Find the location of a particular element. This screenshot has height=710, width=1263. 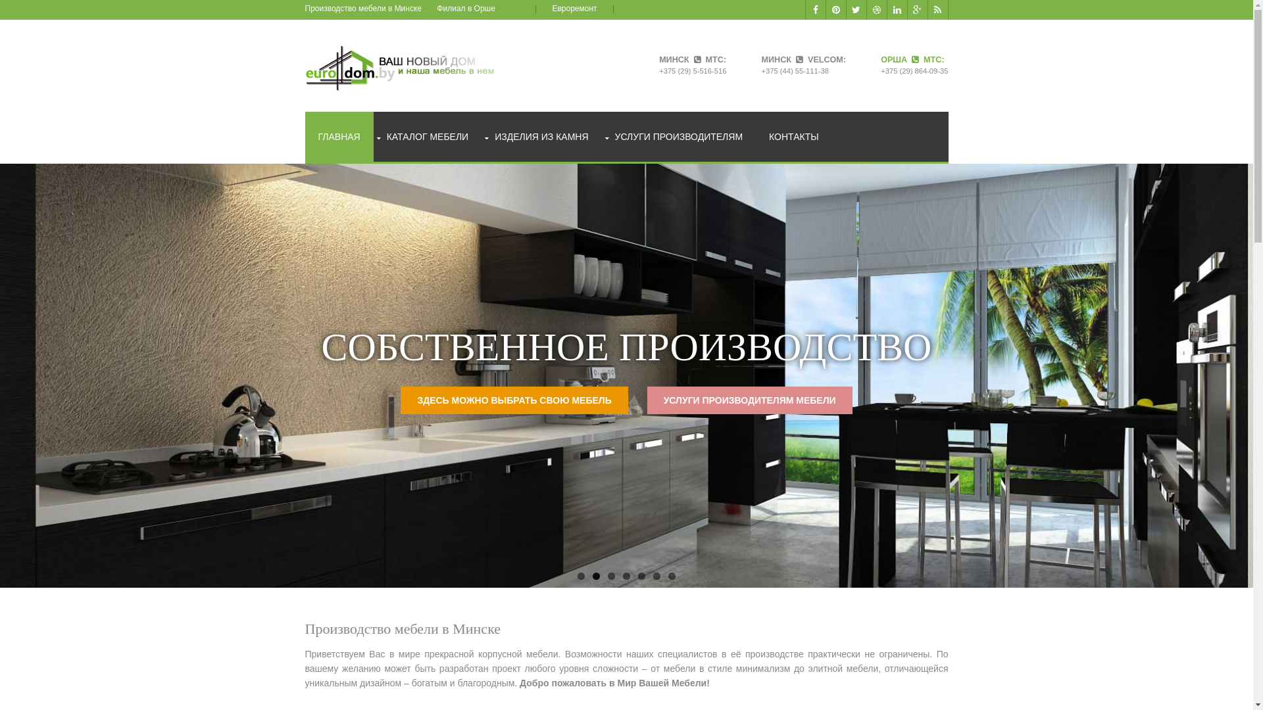

'4' is located at coordinates (626, 575).